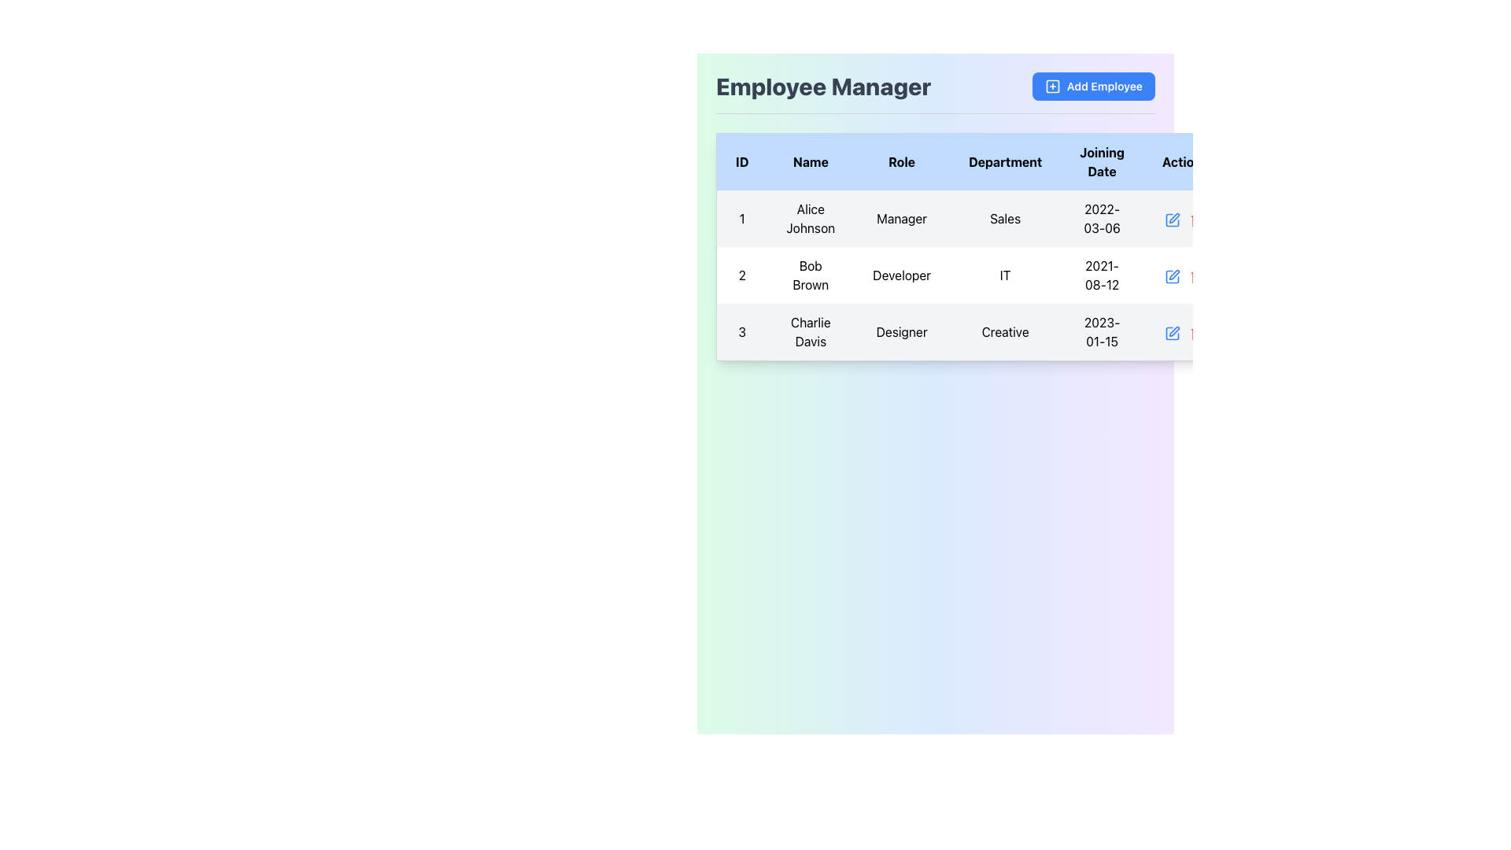 Image resolution: width=1511 pixels, height=850 pixels. I want to click on the Static Text element that identifies the row in the dataset, located in the third row of the first column of the table, so click(741, 331).